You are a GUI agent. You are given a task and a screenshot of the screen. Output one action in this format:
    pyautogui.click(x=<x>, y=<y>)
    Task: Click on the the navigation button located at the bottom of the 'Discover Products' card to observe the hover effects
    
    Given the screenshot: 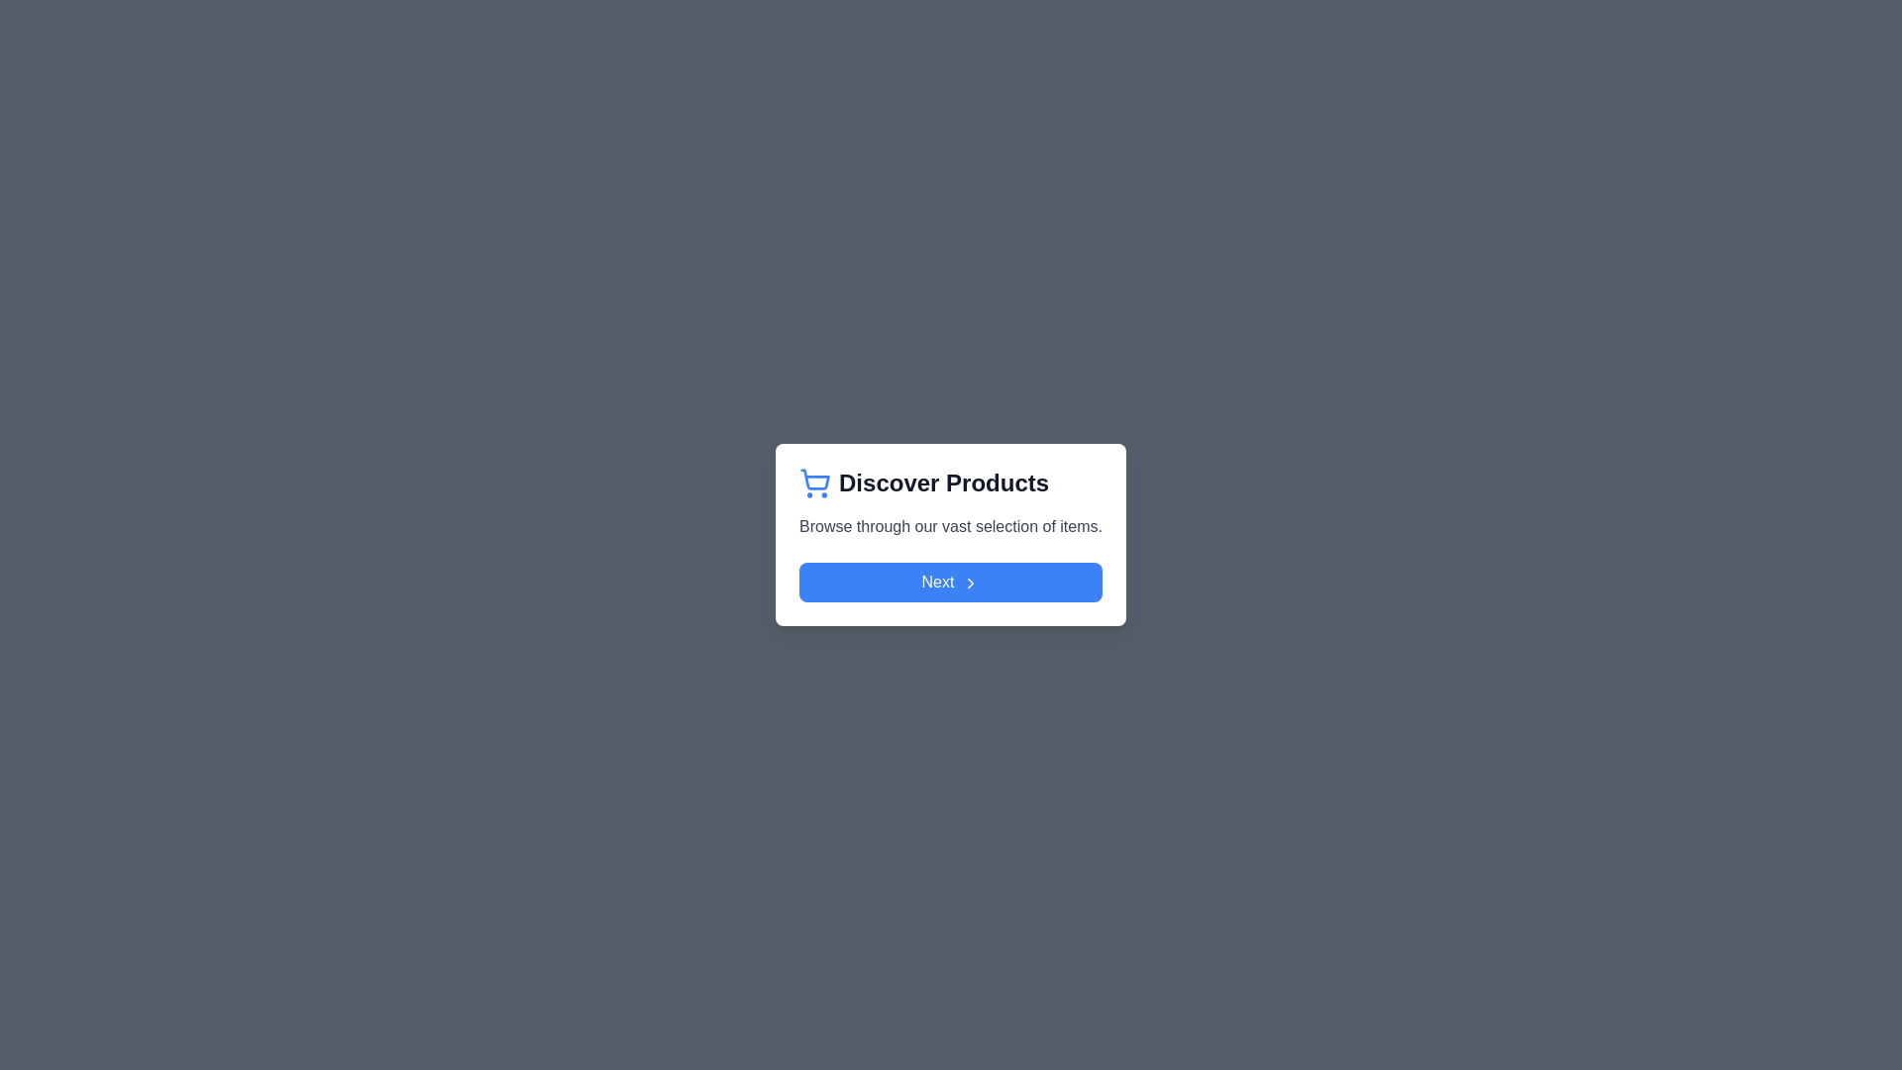 What is the action you would take?
    pyautogui.click(x=951, y=581)
    